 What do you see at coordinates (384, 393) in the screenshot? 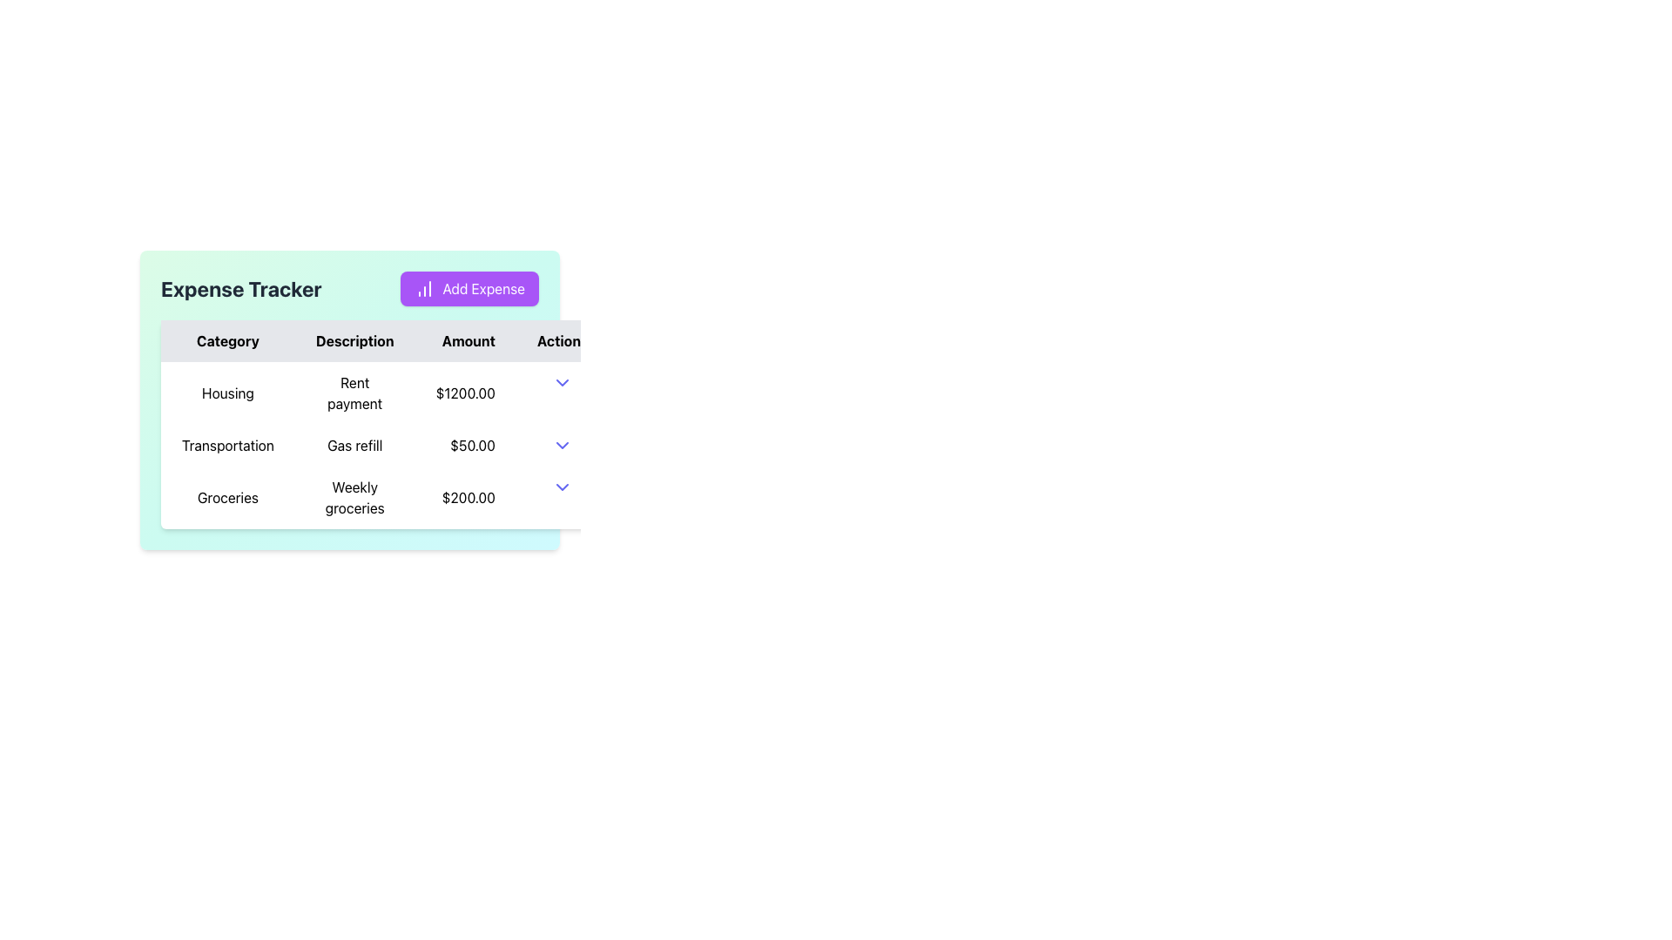
I see `the first row in the expense table that displays details of a specific category of expense, located directly above the 'Transportation Gas refill $50.00' row` at bounding box center [384, 393].